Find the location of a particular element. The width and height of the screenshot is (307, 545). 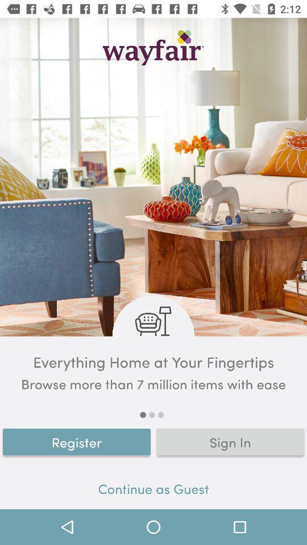

register item is located at coordinates (77, 441).